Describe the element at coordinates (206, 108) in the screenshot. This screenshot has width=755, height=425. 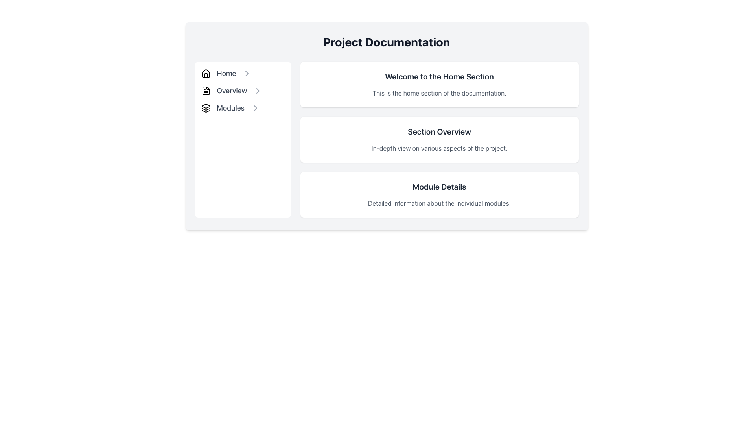
I see `the icon representing 'Modules' in the left-side navigation menu, which is the third icon in sequential order next to 'Home' and 'Overview'` at that location.